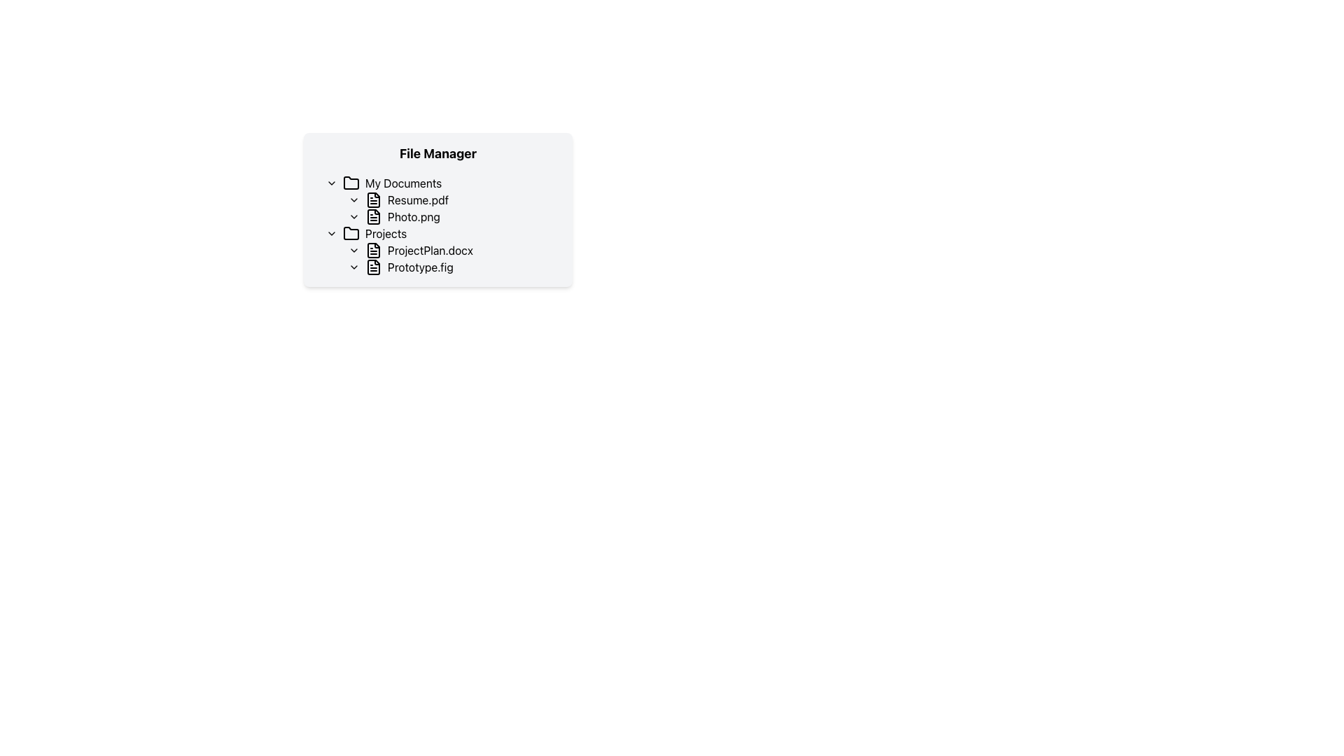 Image resolution: width=1344 pixels, height=756 pixels. Describe the element at coordinates (442, 199) in the screenshot. I see `the file item labeled 'Resume.pdf' in the file explorer` at that location.